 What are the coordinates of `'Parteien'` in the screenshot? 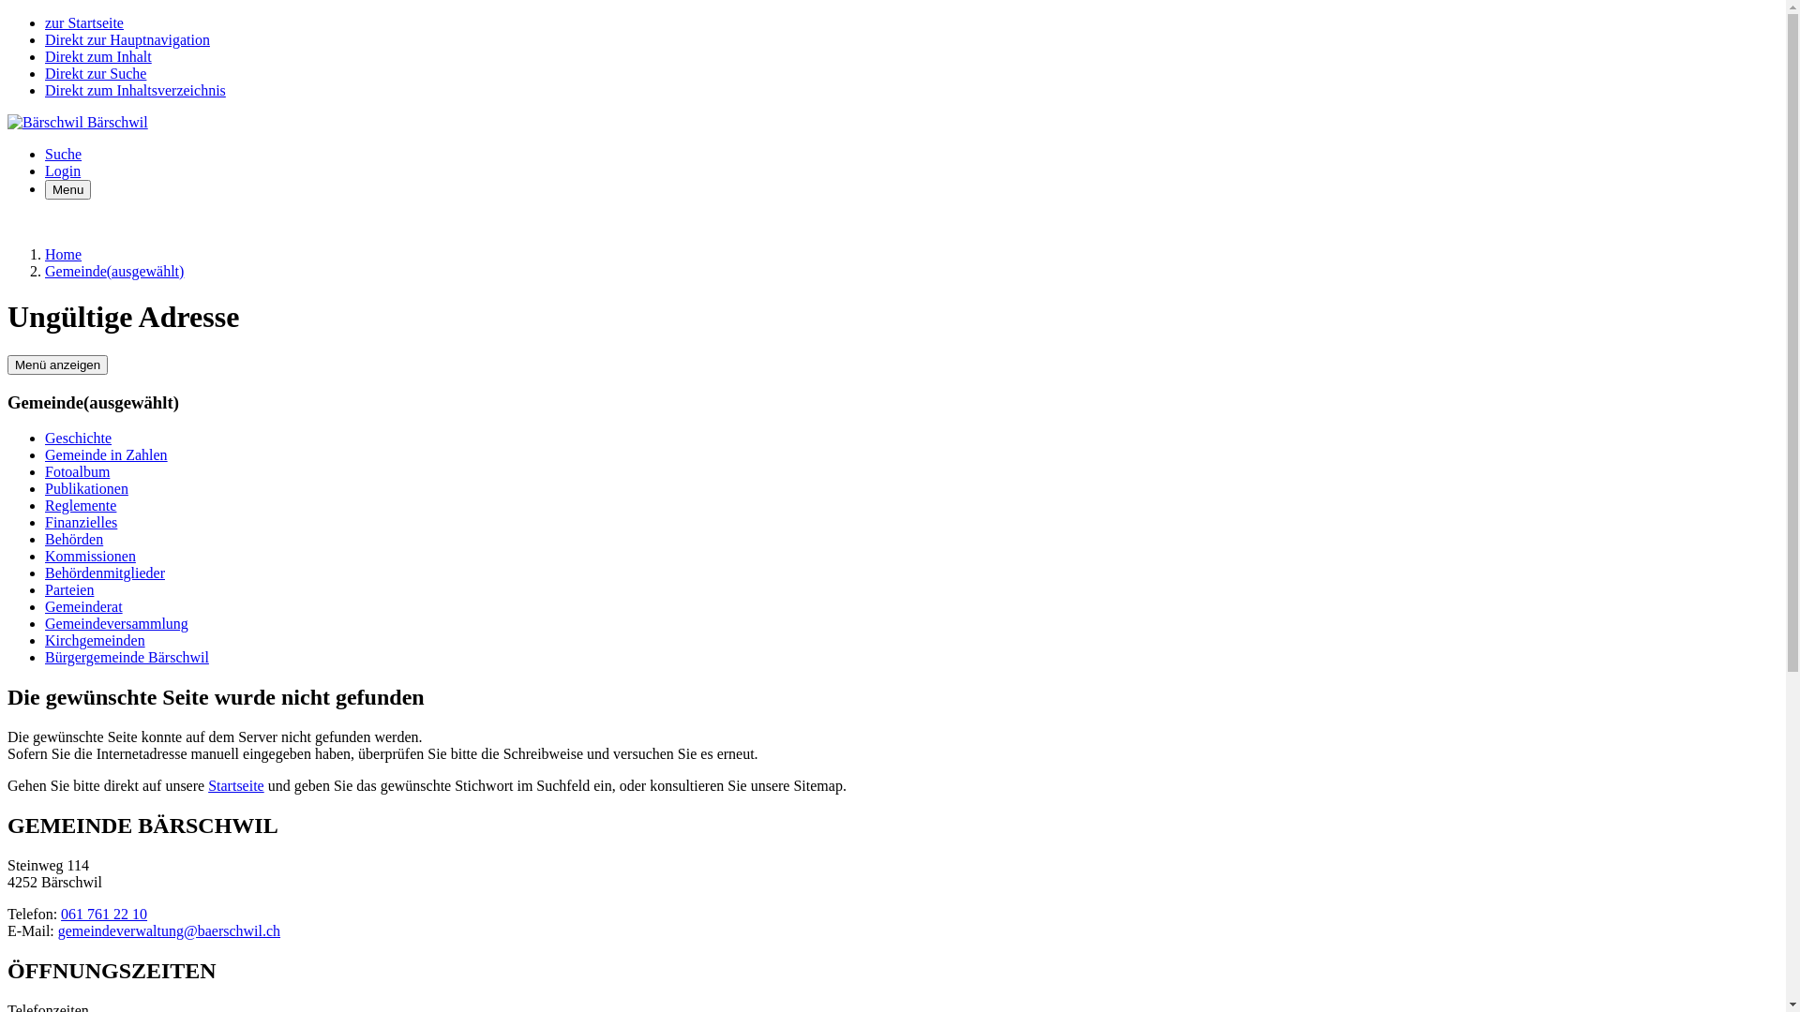 It's located at (68, 588).